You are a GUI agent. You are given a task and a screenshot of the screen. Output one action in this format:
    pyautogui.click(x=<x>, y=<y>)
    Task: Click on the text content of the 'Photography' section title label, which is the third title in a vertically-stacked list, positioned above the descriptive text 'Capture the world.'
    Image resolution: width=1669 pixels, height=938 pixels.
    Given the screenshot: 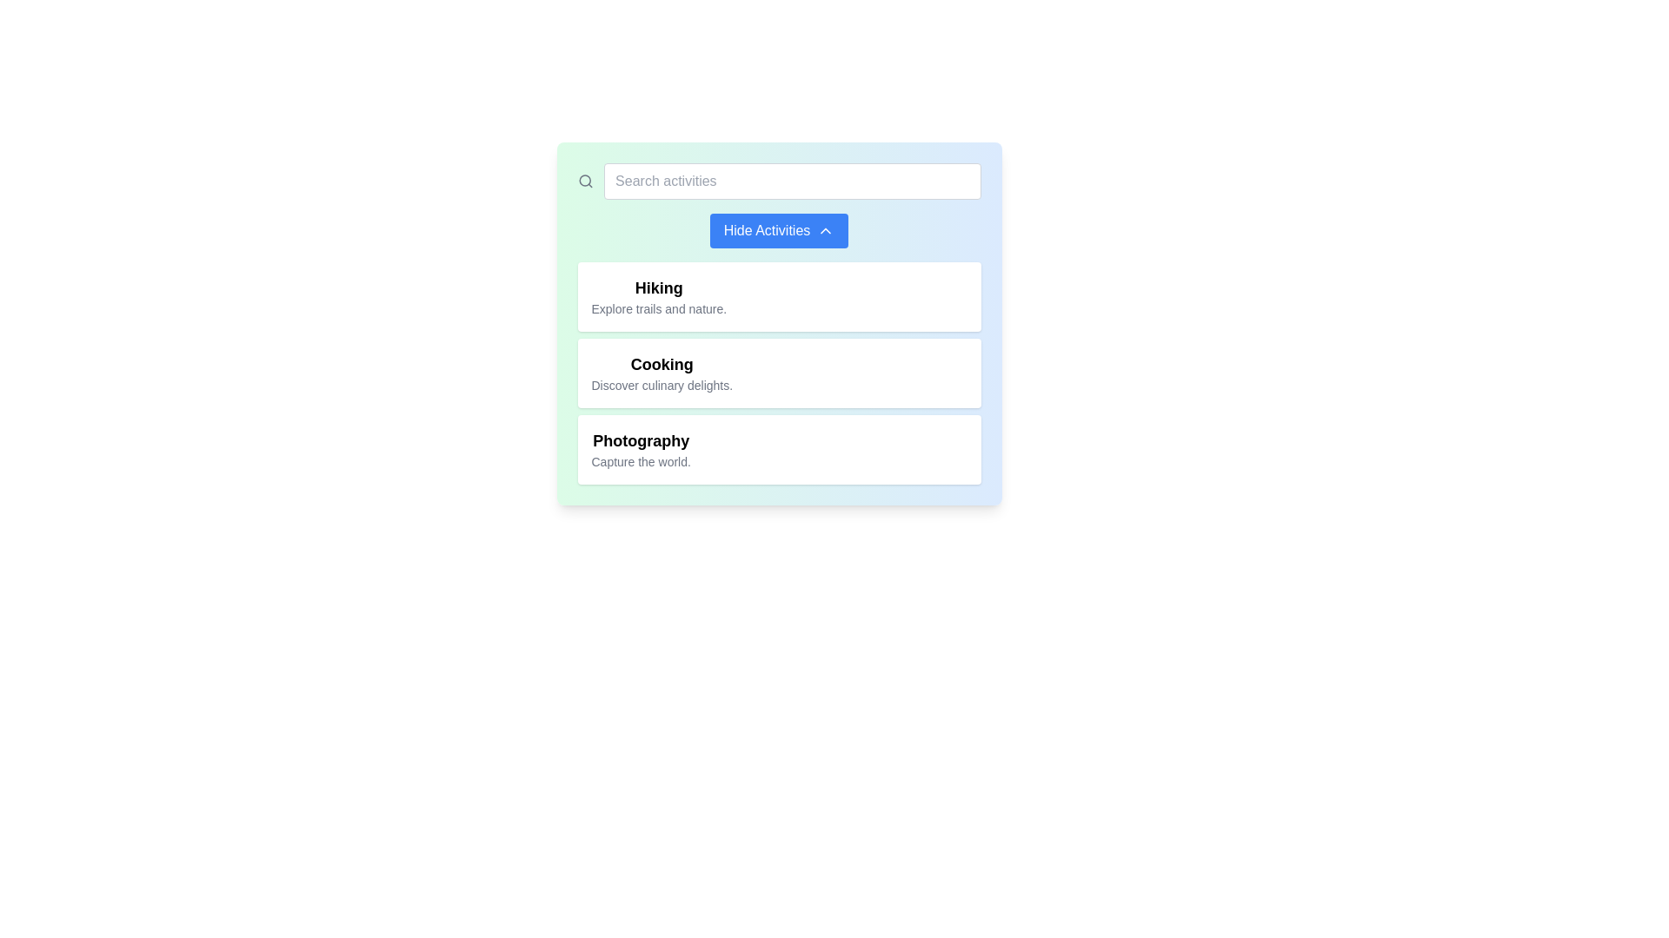 What is the action you would take?
    pyautogui.click(x=640, y=440)
    